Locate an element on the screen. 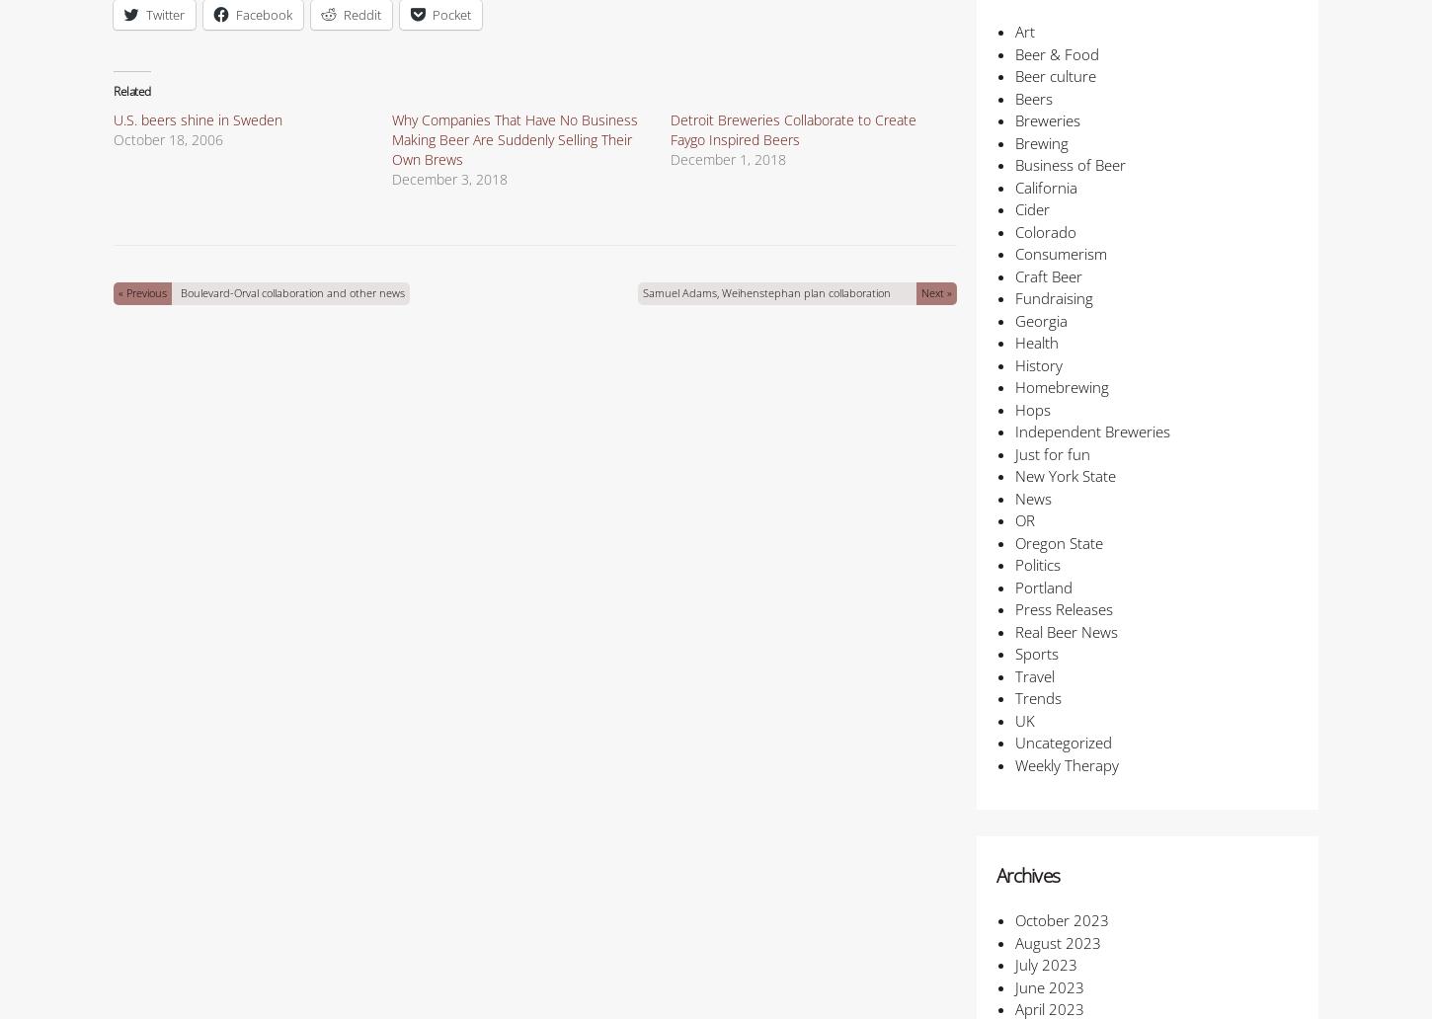 Image resolution: width=1432 pixels, height=1019 pixels. 'Archives' is located at coordinates (1027, 875).